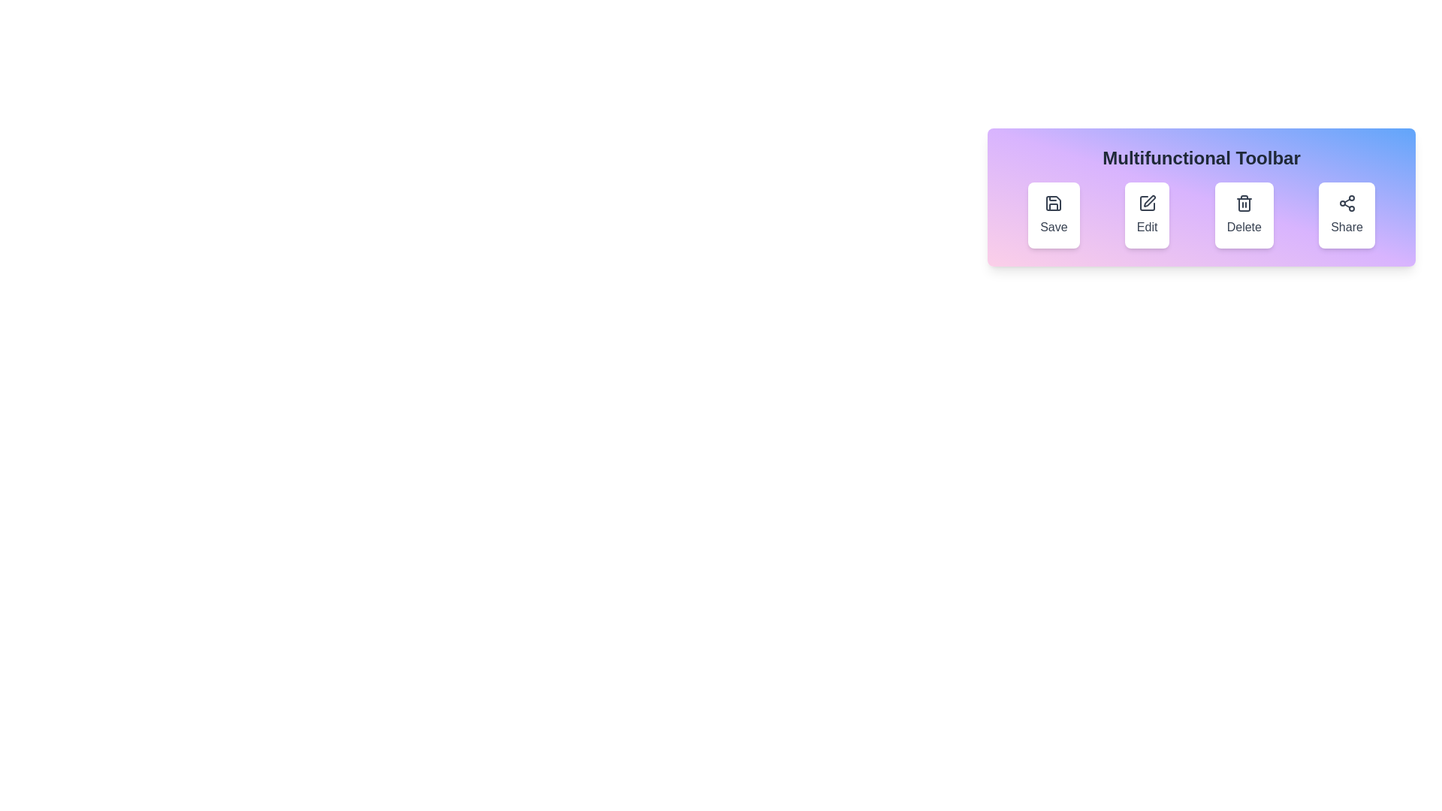  Describe the element at coordinates (1244, 215) in the screenshot. I see `the third button from the left in a horizontal toolbar containing four buttons` at that location.